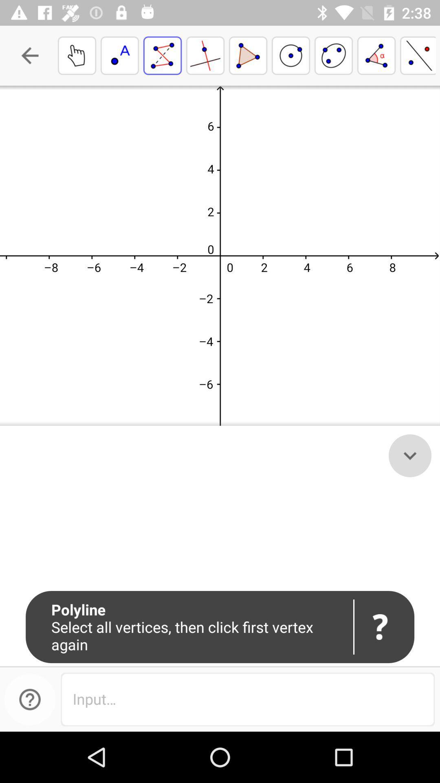 This screenshot has height=783, width=440. What do you see at coordinates (29, 699) in the screenshot?
I see `the help icon` at bounding box center [29, 699].